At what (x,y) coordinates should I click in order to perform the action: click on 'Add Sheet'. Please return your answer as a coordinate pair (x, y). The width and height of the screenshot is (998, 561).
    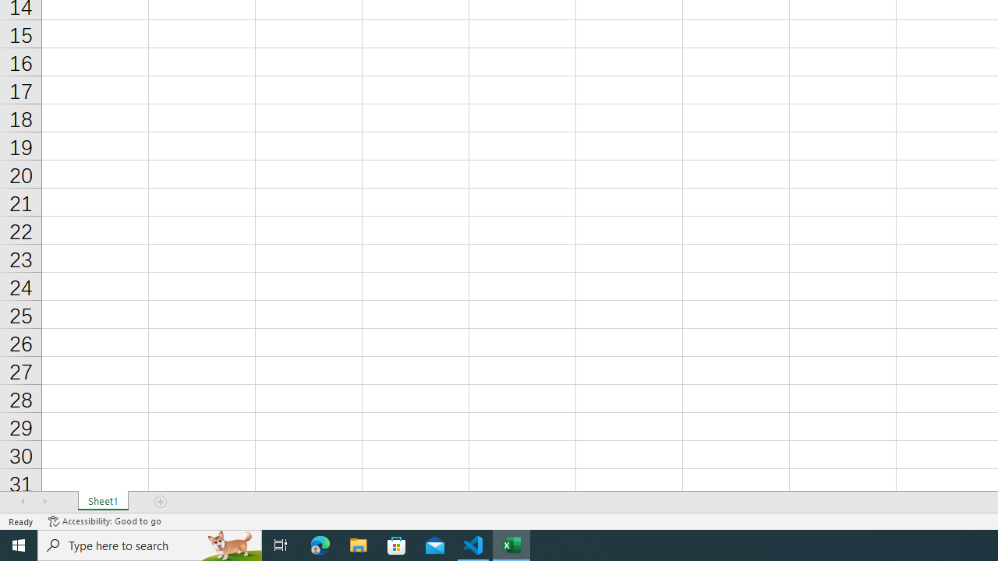
    Looking at the image, I should click on (161, 502).